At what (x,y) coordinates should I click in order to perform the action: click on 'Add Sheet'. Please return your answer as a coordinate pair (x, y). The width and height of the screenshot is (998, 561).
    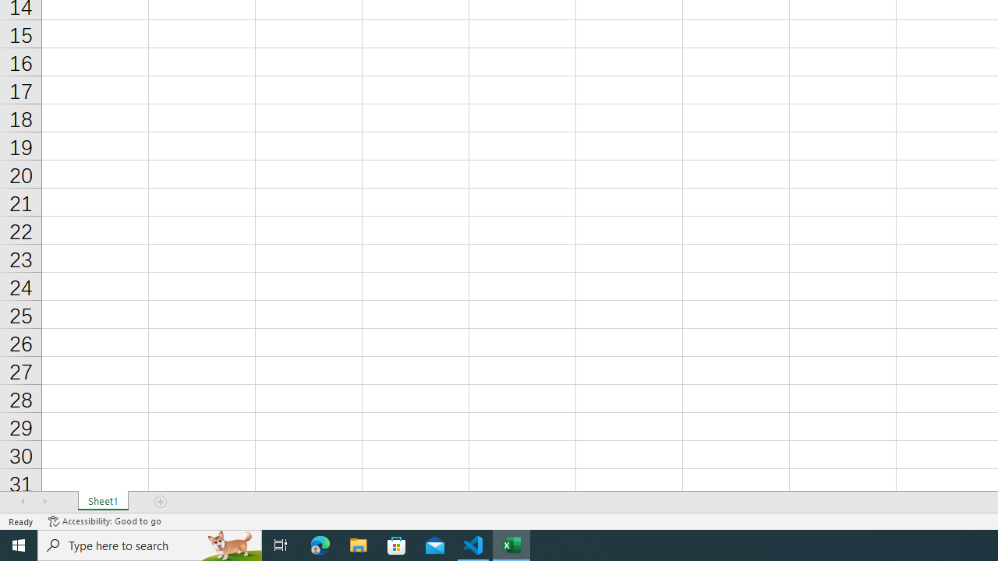
    Looking at the image, I should click on (161, 502).